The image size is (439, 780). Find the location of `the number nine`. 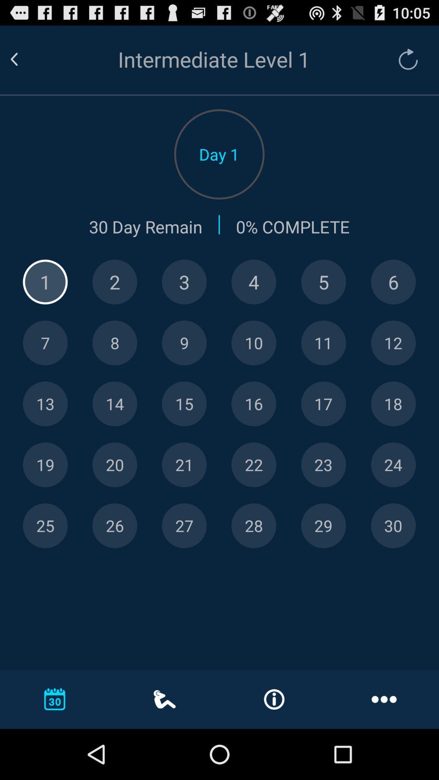

the number nine is located at coordinates (184, 343).